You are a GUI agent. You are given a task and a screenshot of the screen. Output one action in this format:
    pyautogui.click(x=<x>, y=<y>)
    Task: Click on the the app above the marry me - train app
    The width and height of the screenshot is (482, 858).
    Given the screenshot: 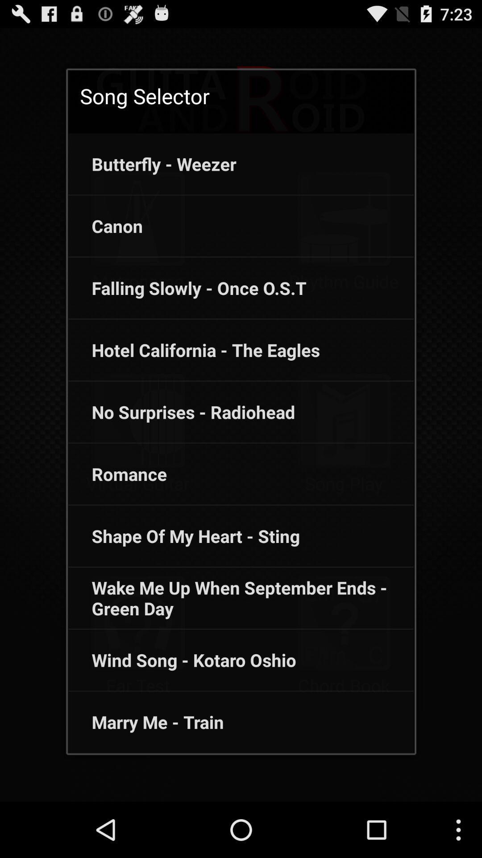 What is the action you would take?
    pyautogui.click(x=182, y=660)
    